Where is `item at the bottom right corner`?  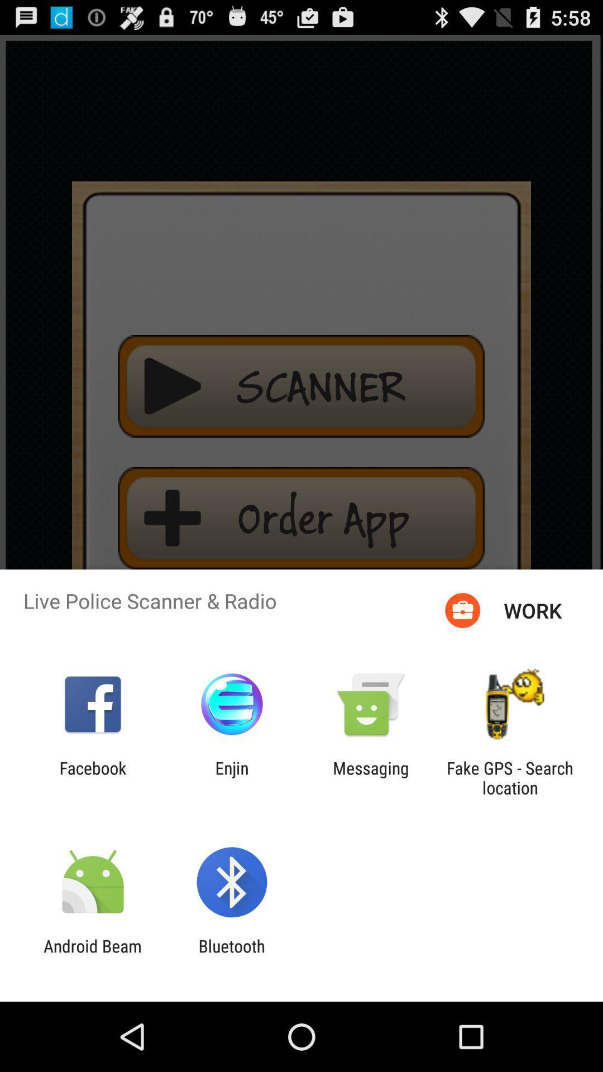 item at the bottom right corner is located at coordinates (510, 777).